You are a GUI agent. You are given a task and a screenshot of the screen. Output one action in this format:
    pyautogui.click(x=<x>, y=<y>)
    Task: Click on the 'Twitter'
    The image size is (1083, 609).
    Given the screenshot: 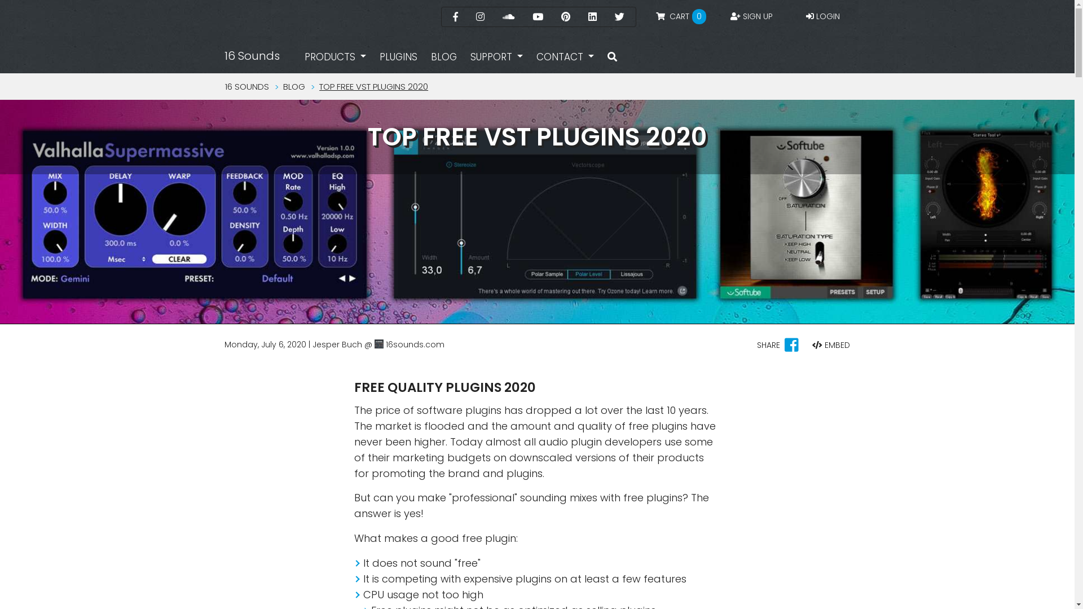 What is the action you would take?
    pyautogui.click(x=619, y=17)
    